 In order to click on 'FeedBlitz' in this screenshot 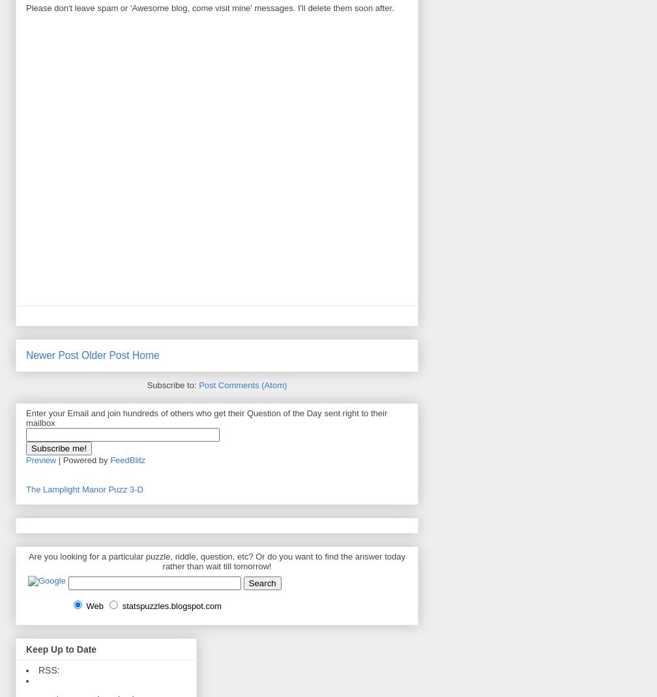, I will do `click(127, 459)`.